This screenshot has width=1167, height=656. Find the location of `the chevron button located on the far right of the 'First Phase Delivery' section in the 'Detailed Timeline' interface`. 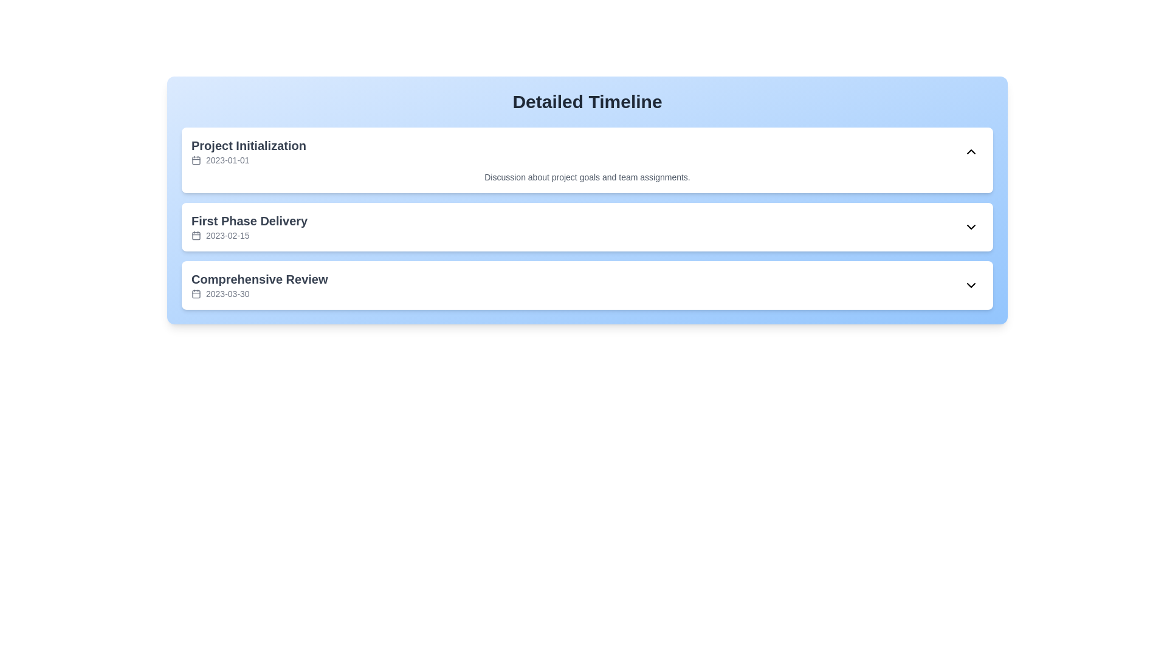

the chevron button located on the far right of the 'First Phase Delivery' section in the 'Detailed Timeline' interface is located at coordinates (971, 227).